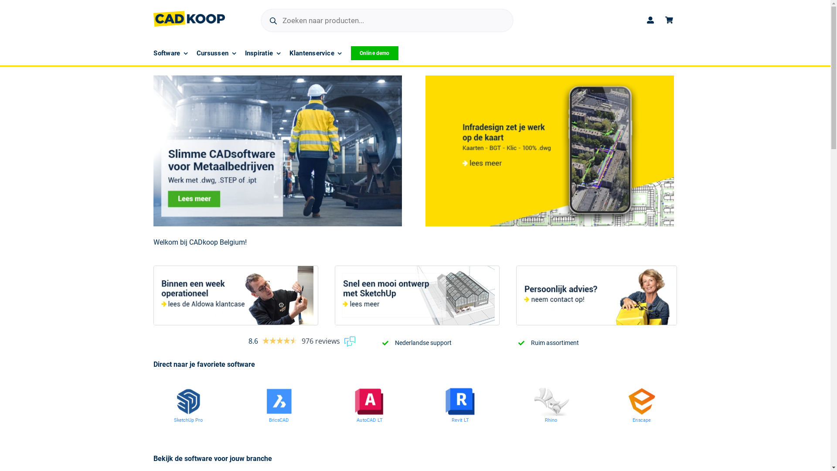 The image size is (837, 471). I want to click on 'AutoCAD LT', so click(375, 420).